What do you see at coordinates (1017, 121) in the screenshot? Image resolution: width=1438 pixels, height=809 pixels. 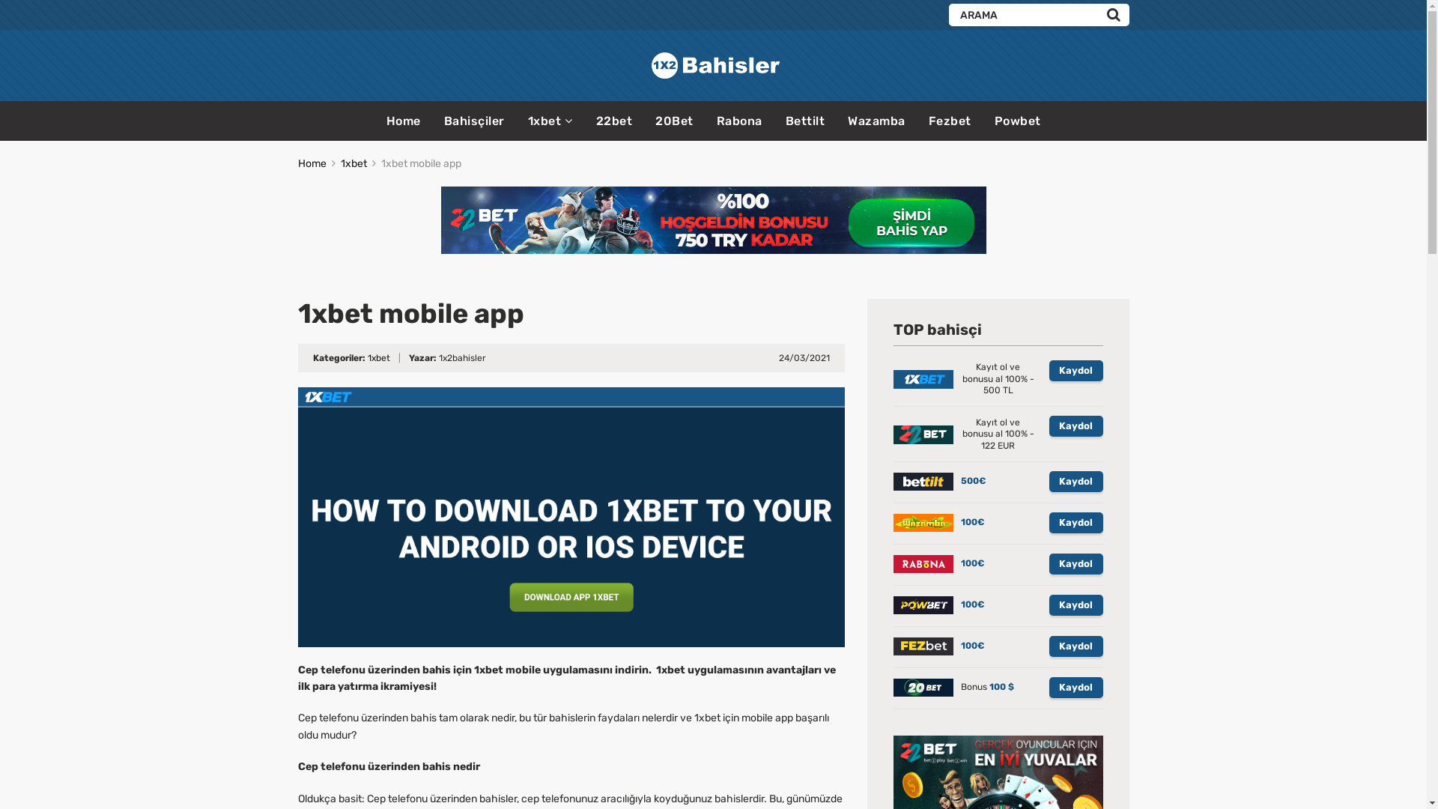 I see `'Powbet'` at bounding box center [1017, 121].